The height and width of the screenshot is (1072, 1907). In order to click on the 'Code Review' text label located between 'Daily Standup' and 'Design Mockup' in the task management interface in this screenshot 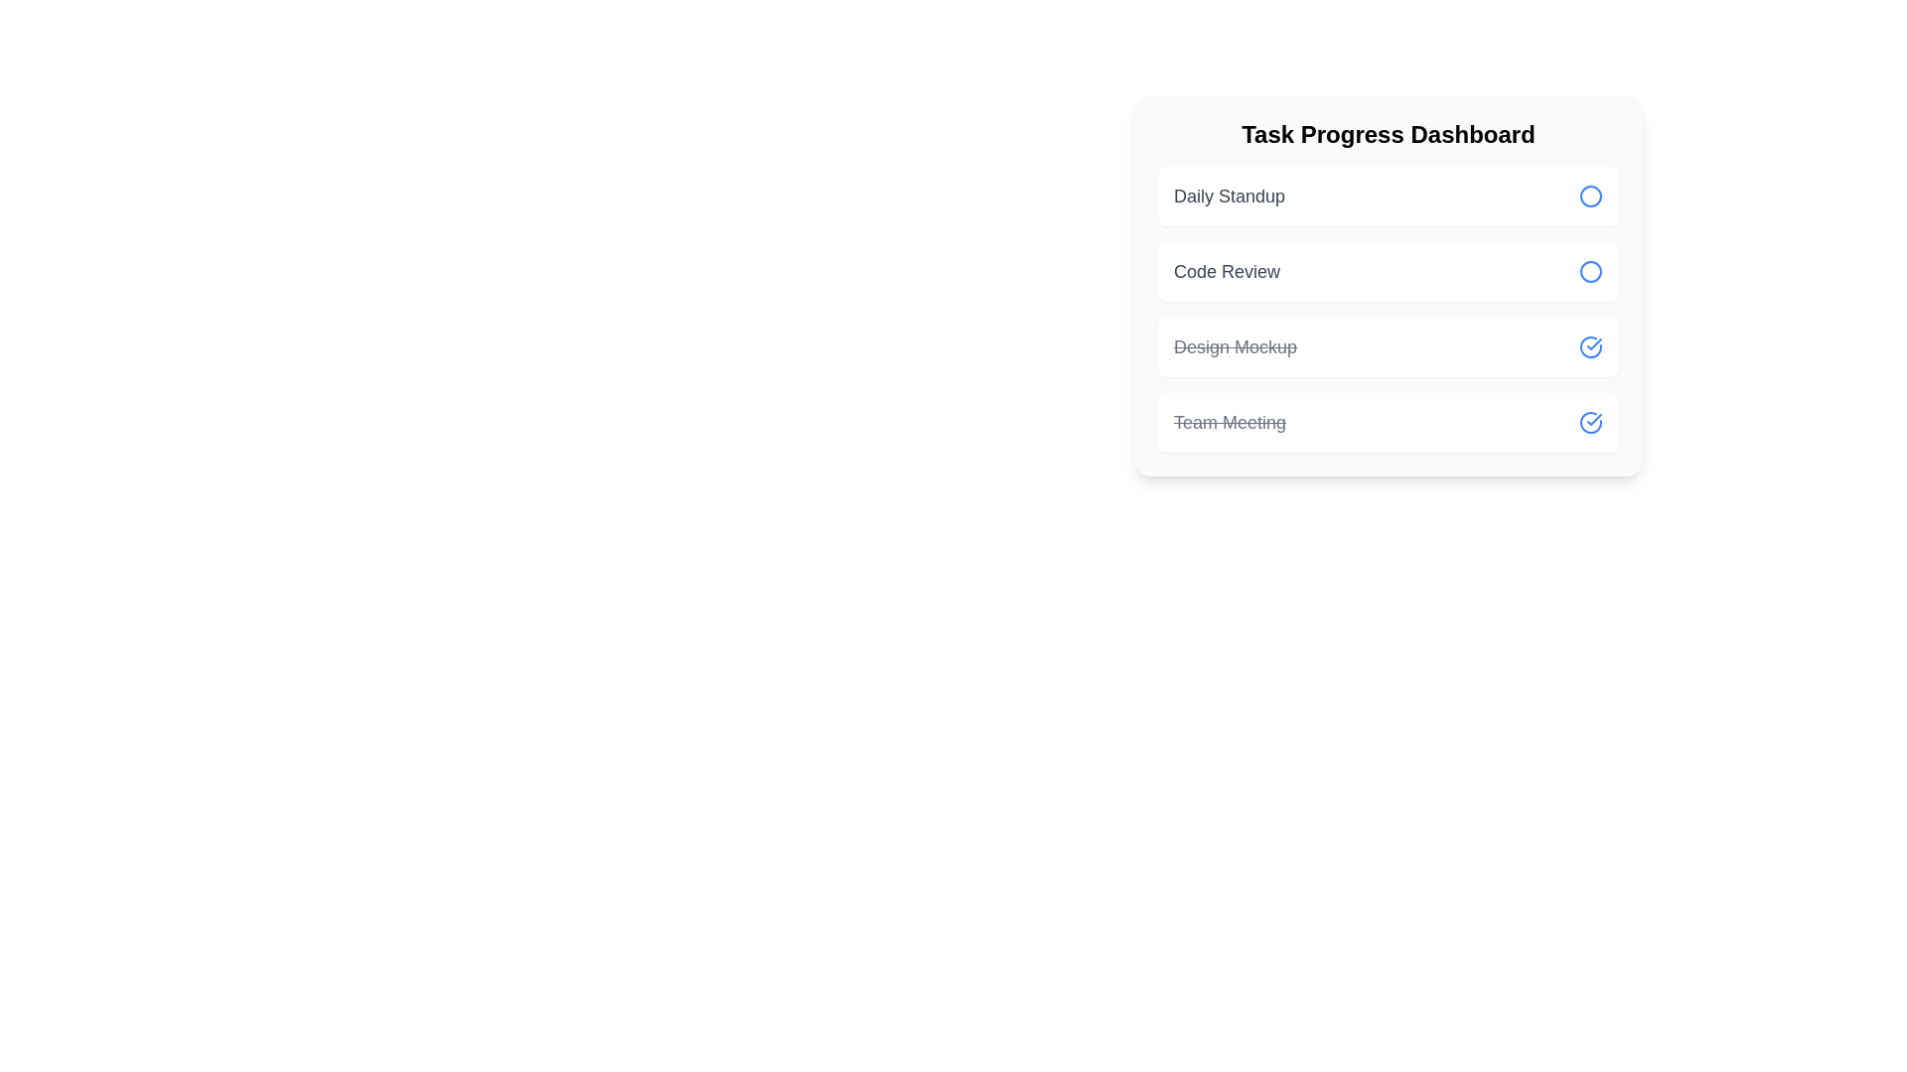, I will do `click(1226, 271)`.